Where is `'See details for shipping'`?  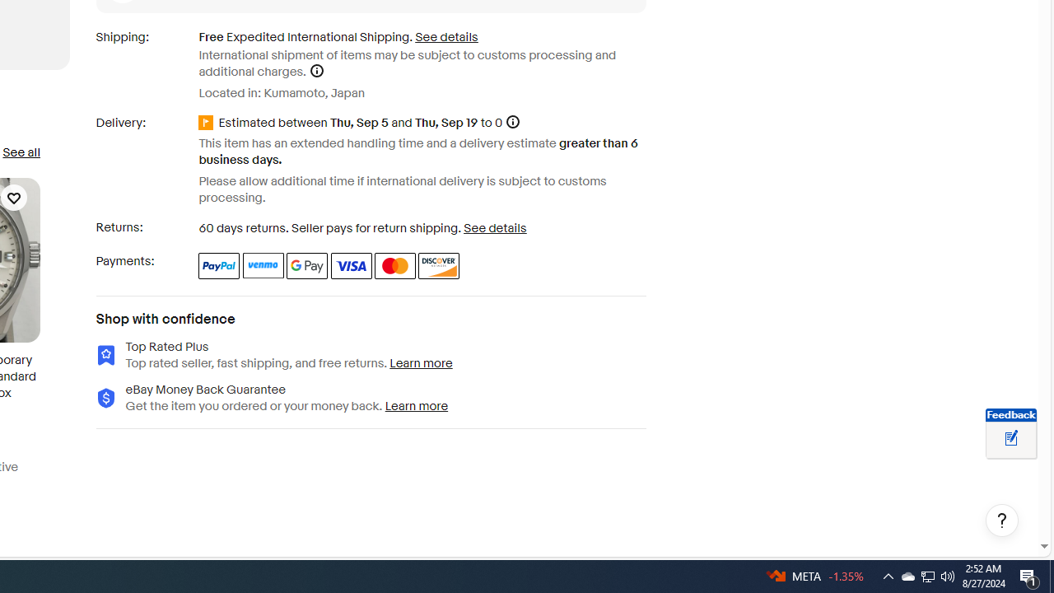
'See details for shipping' is located at coordinates (446, 37).